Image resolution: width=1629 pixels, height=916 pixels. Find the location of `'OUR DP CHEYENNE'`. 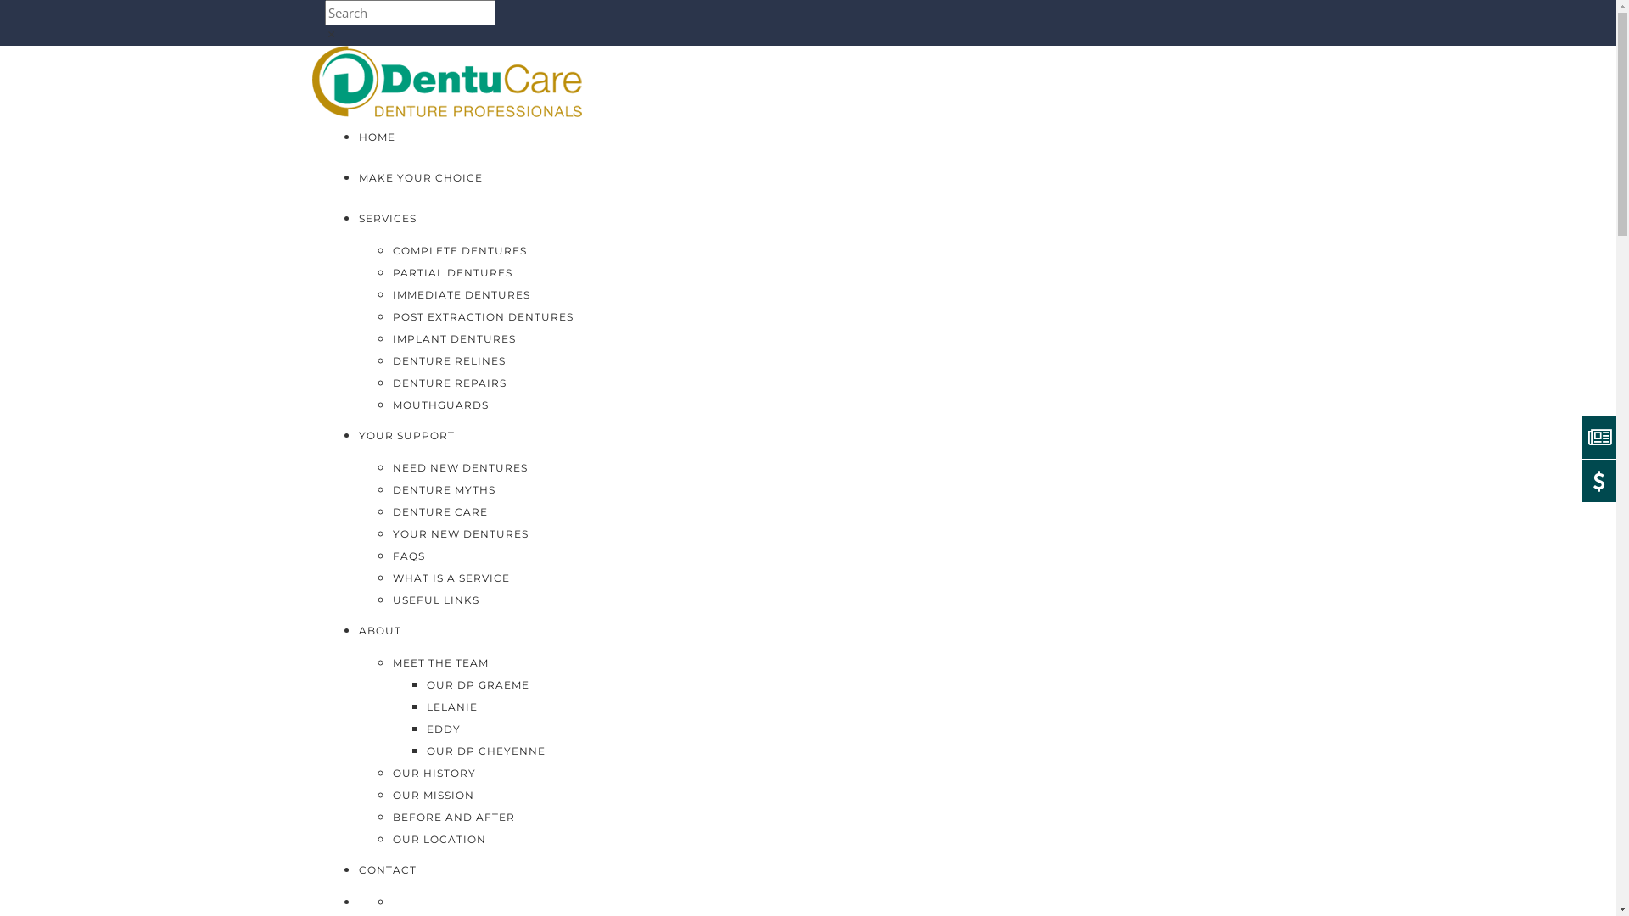

'OUR DP CHEYENNE' is located at coordinates (484, 750).